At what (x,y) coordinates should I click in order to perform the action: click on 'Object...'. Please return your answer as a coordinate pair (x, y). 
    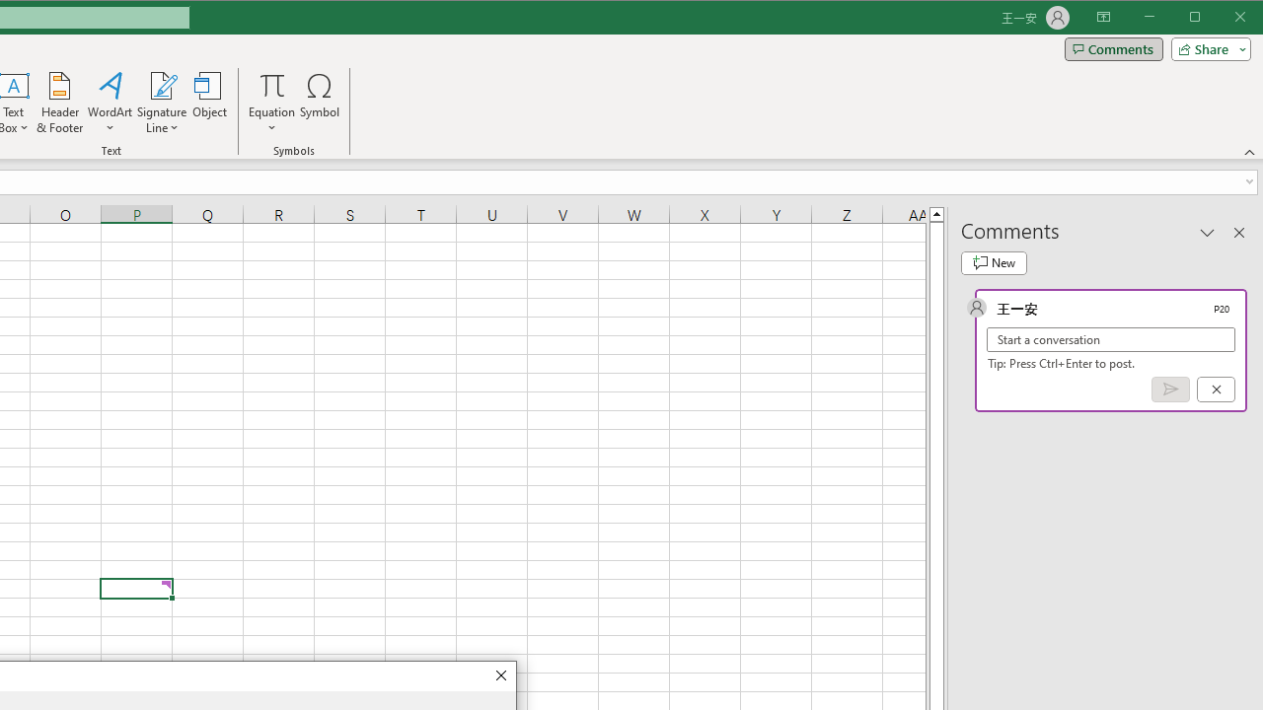
    Looking at the image, I should click on (210, 103).